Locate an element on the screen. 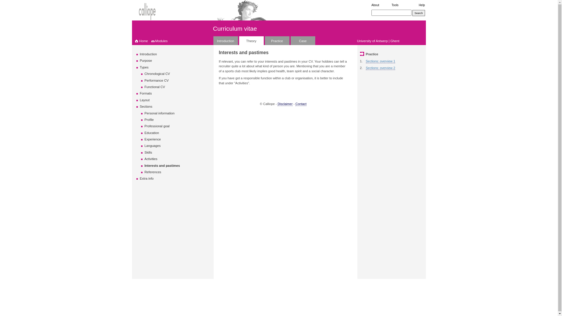 The image size is (562, 316). 'Search' is located at coordinates (418, 13).